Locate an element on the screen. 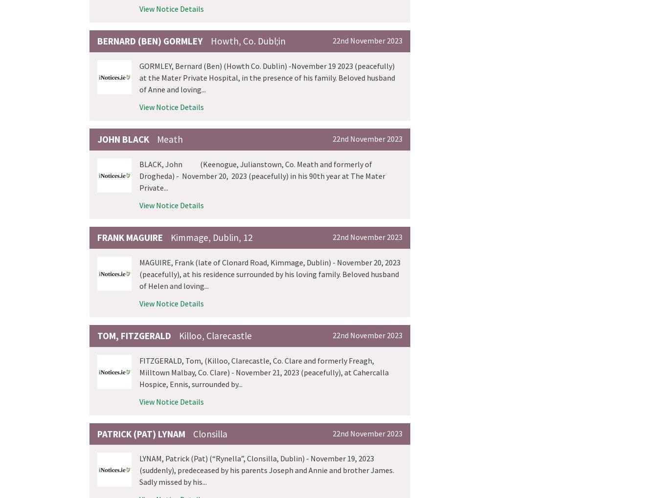 This screenshot has height=498, width=668. 'Frank Maguire' is located at coordinates (130, 237).